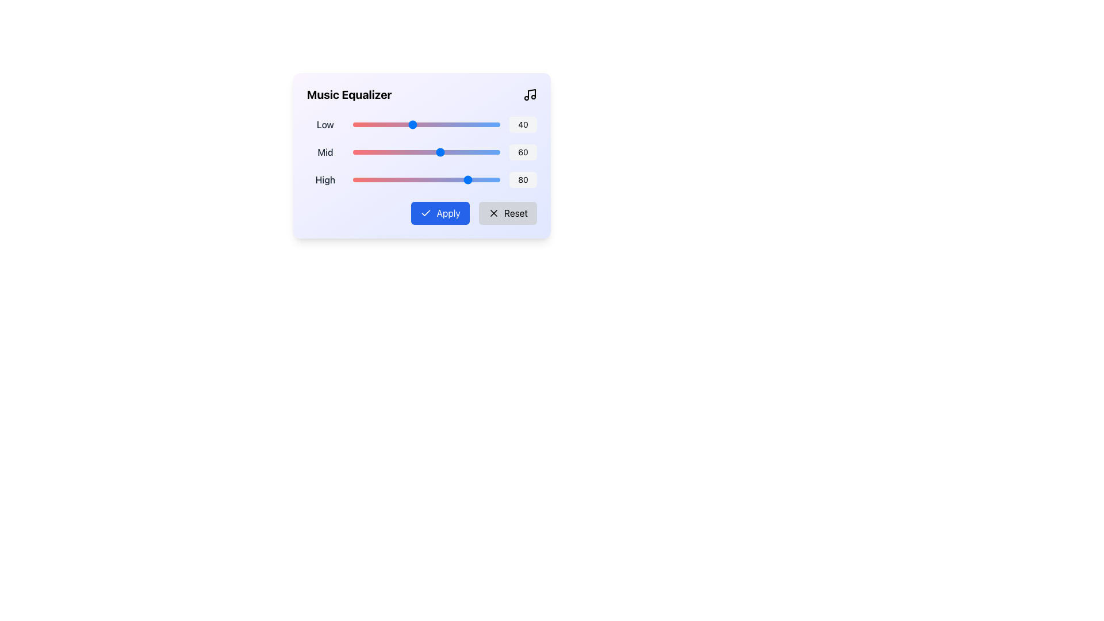  What do you see at coordinates (445, 152) in the screenshot?
I see `the 'Mid' equalizer slider` at bounding box center [445, 152].